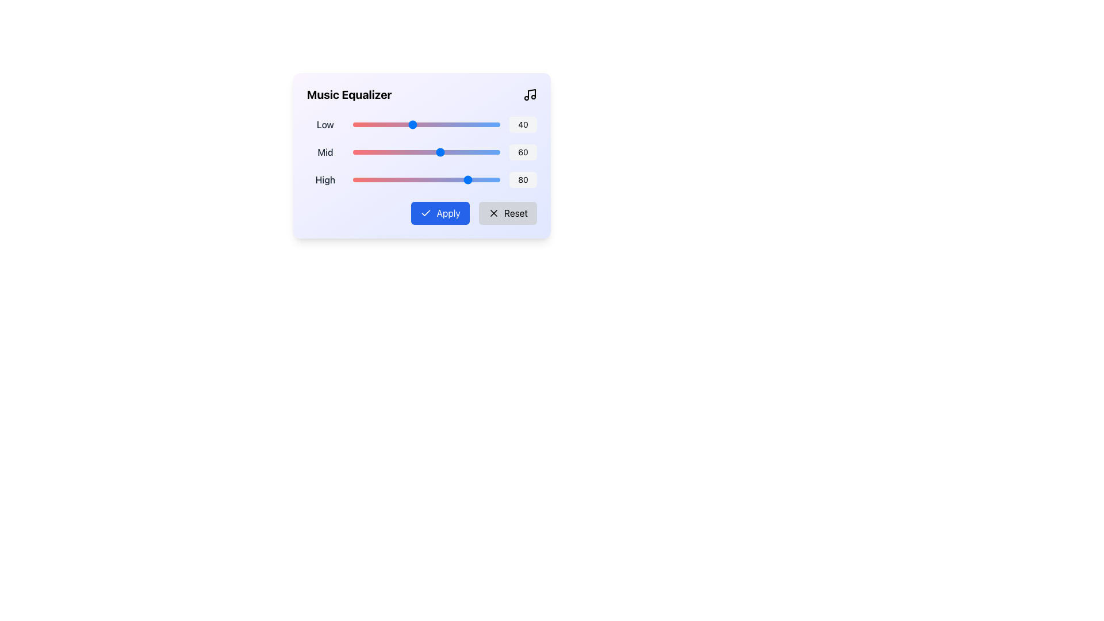  What do you see at coordinates (445, 152) in the screenshot?
I see `the 'Mid' equalizer slider` at bounding box center [445, 152].